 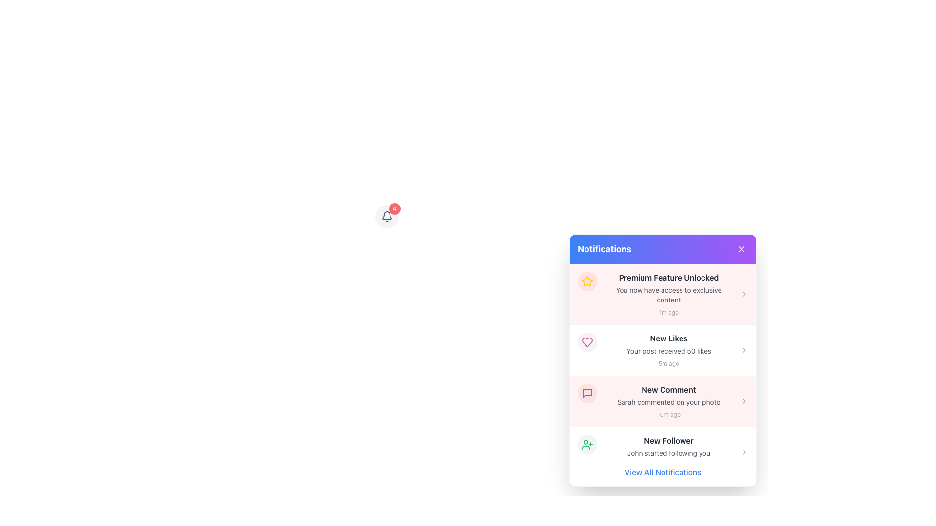 What do you see at coordinates (668, 441) in the screenshot?
I see `text label that serves as a headline for the fourth notification entry, located under the green icon of a person` at bounding box center [668, 441].